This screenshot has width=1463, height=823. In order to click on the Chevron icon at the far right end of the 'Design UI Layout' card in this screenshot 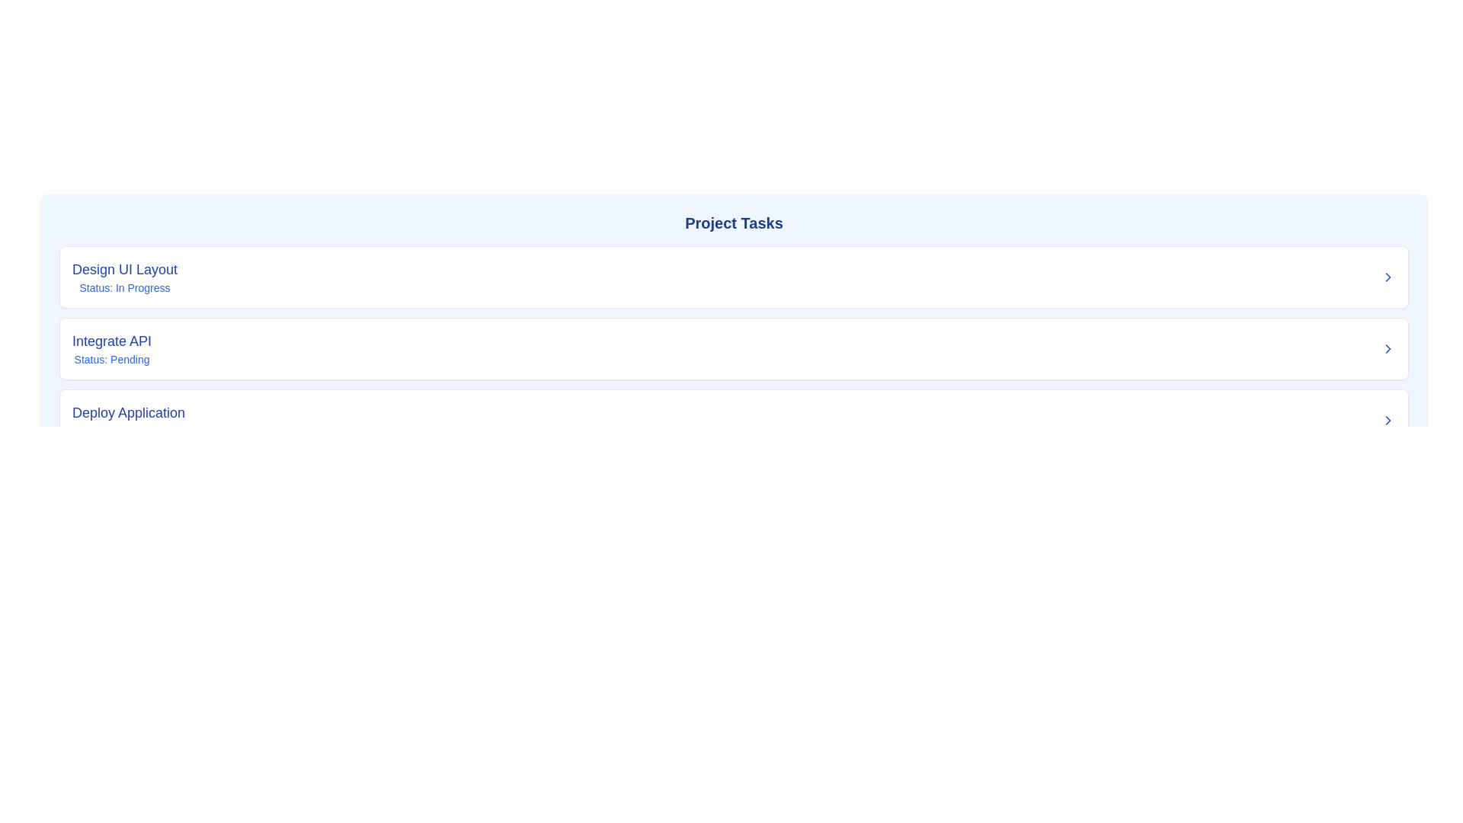, I will do `click(1388, 277)`.